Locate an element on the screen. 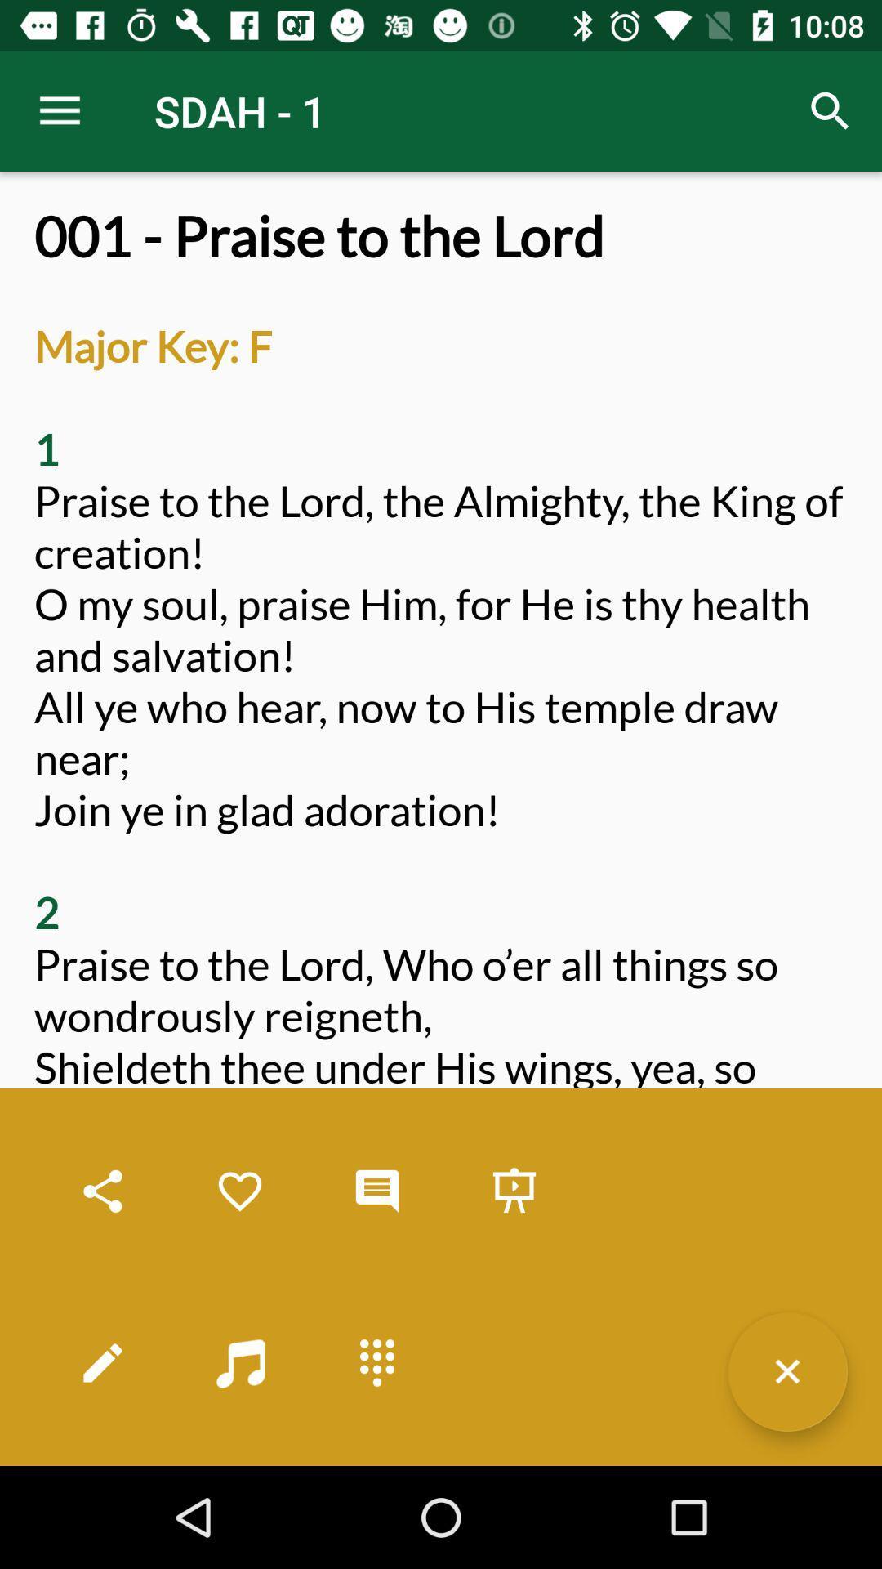 This screenshot has width=882, height=1569. control audio is located at coordinates (239, 1362).